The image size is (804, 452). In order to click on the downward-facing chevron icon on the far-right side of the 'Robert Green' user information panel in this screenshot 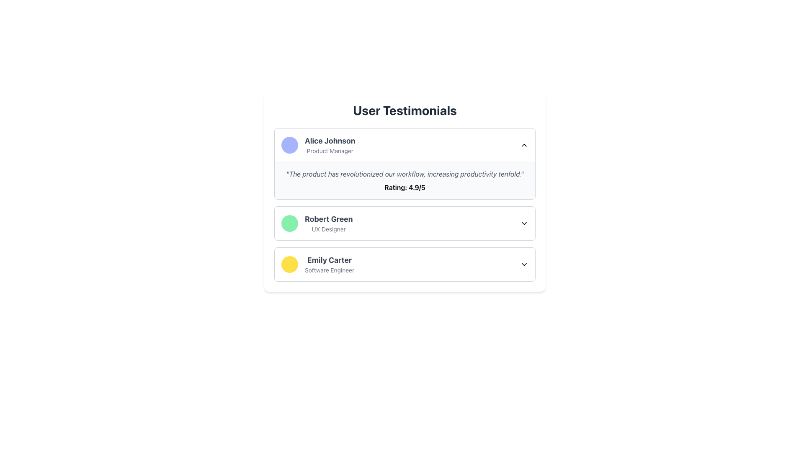, I will do `click(524, 223)`.